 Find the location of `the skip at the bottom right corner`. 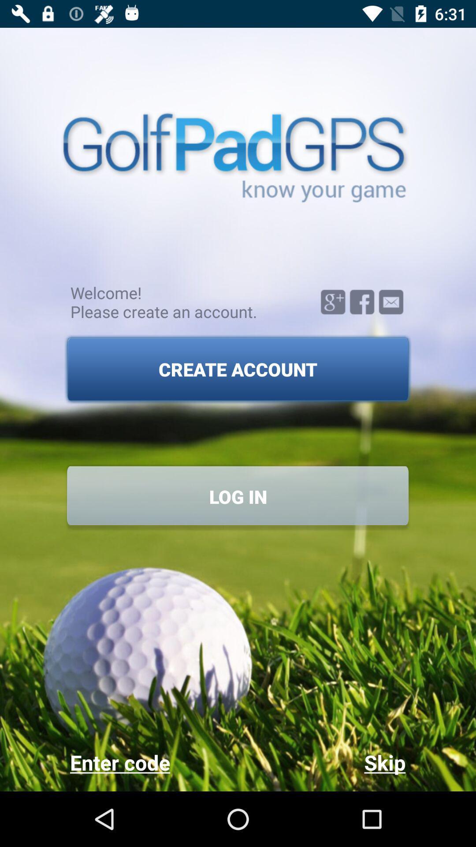

the skip at the bottom right corner is located at coordinates (321, 762).